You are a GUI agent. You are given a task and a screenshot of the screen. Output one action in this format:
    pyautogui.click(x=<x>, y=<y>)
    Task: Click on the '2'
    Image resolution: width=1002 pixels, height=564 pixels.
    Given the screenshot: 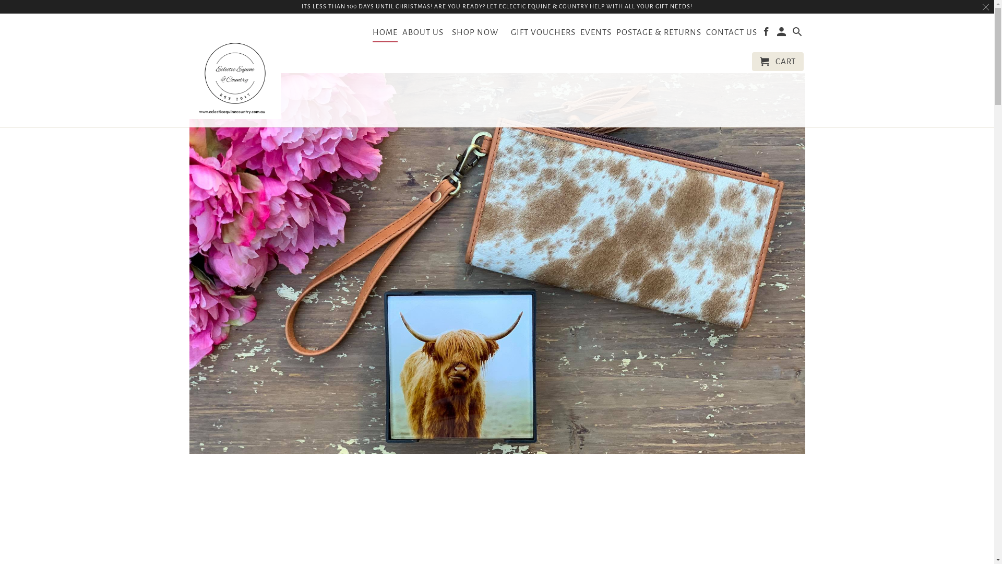 What is the action you would take?
    pyautogui.click(x=497, y=516)
    